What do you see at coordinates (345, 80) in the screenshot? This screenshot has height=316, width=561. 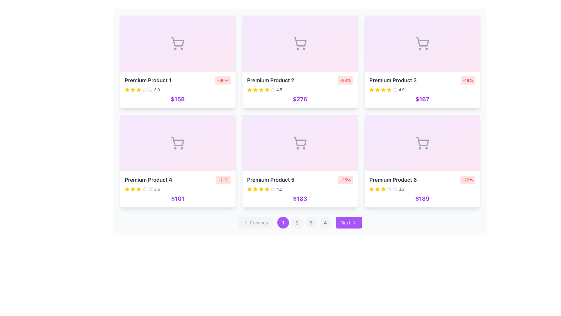 I see `discount value displayed on the small red badge with white text showing '-33%' located in the top-right corner of the card for 'Premium Product 2'` at bounding box center [345, 80].